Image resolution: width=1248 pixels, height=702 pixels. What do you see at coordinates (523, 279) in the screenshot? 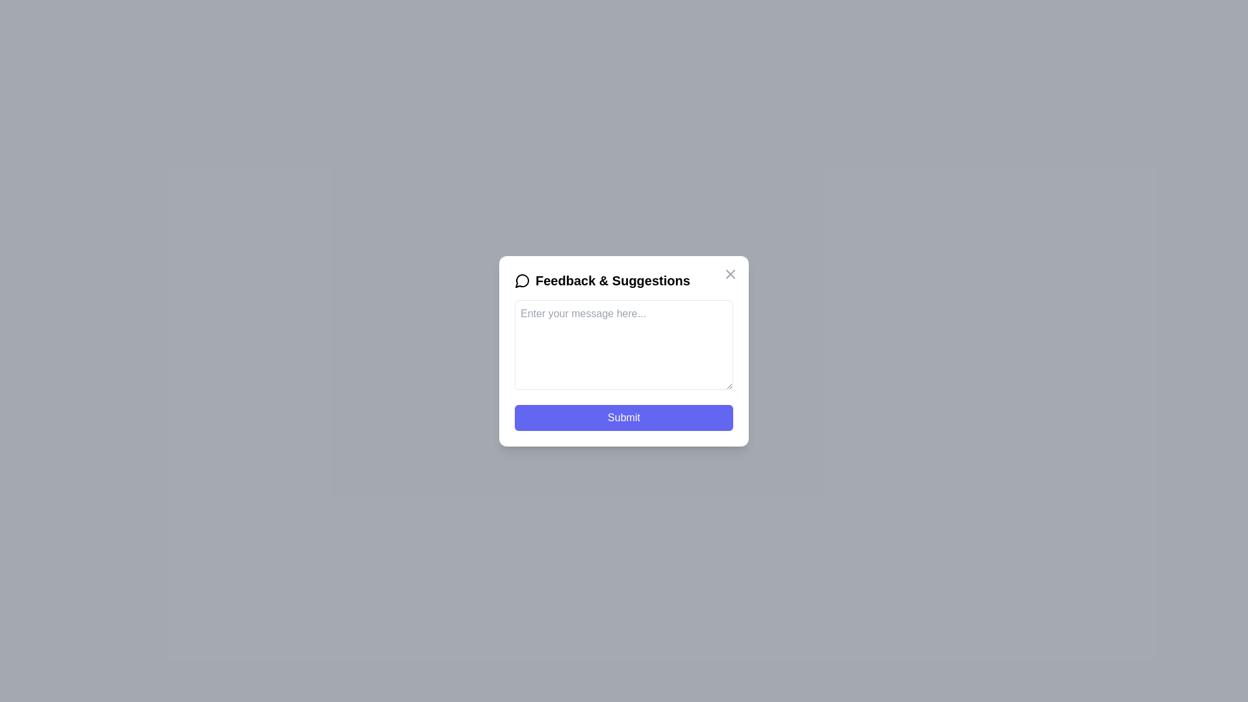
I see `the decorative icon located to the left of the header text 'Feedback & Suggestions'` at bounding box center [523, 279].